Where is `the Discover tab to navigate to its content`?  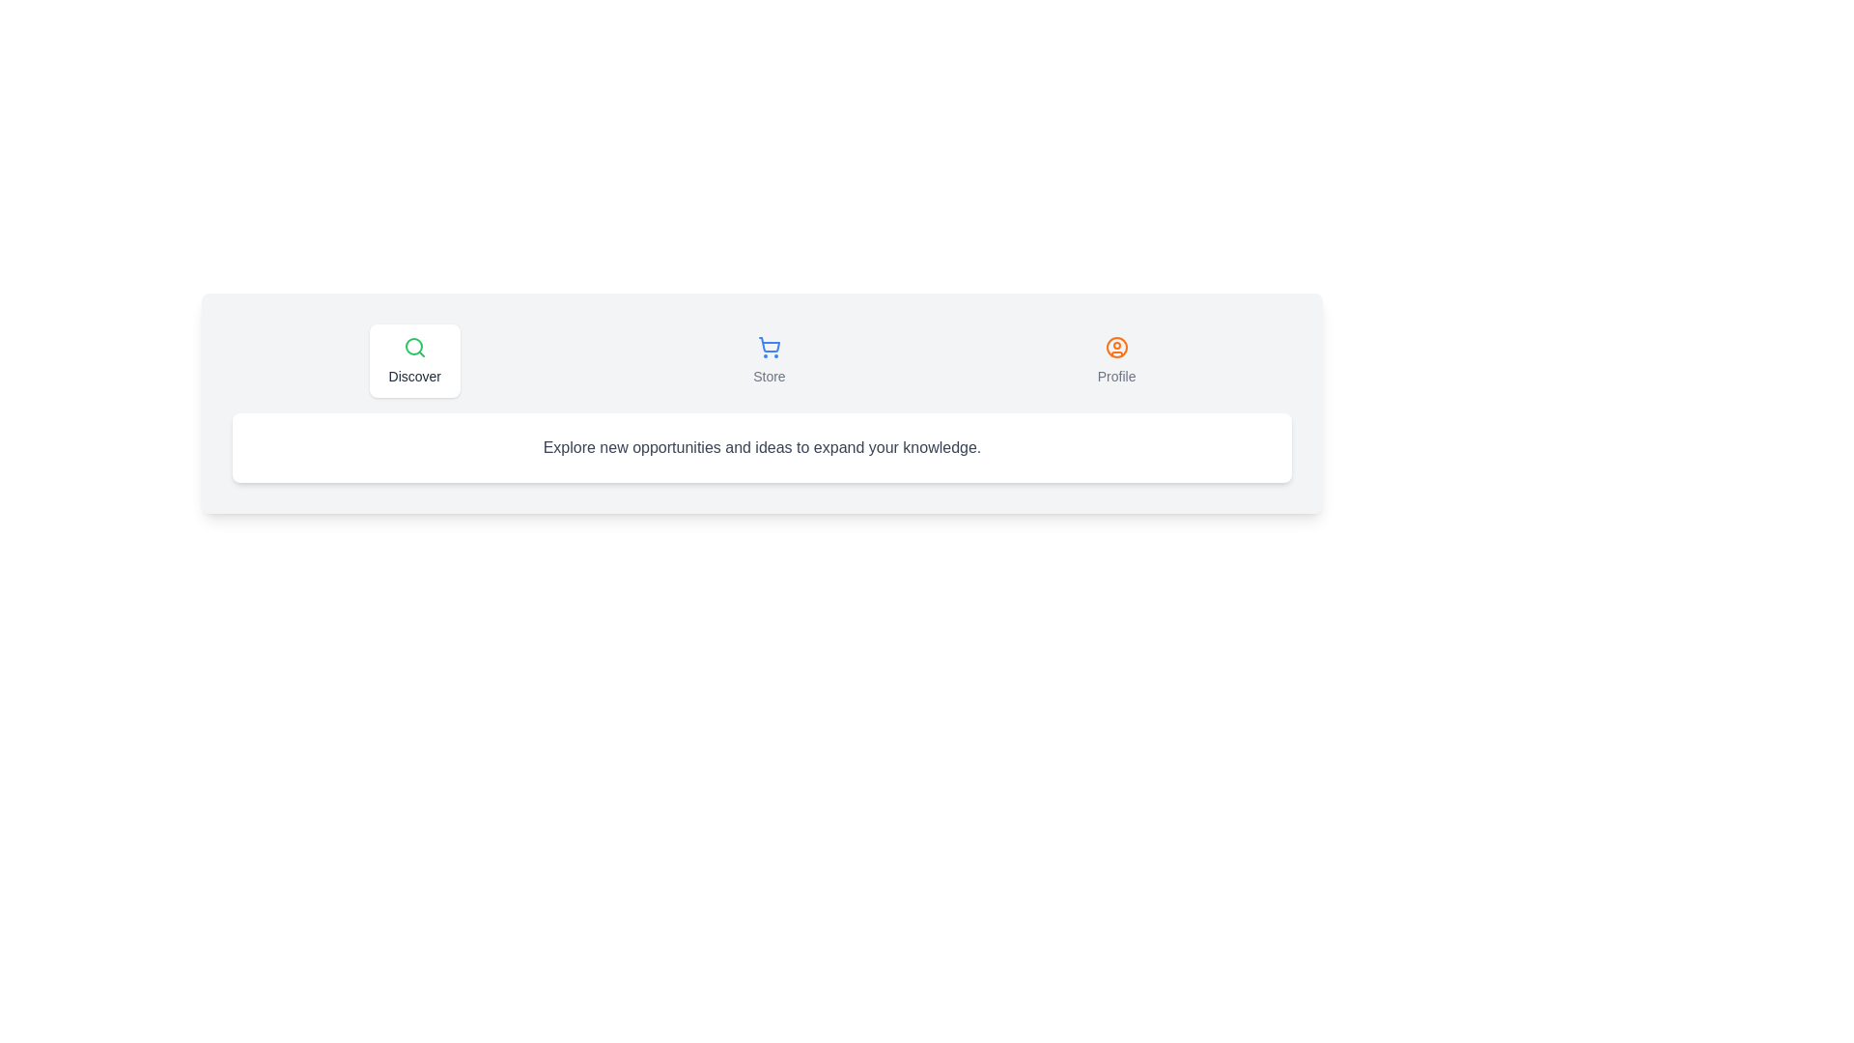 the Discover tab to navigate to its content is located at coordinates (413, 361).